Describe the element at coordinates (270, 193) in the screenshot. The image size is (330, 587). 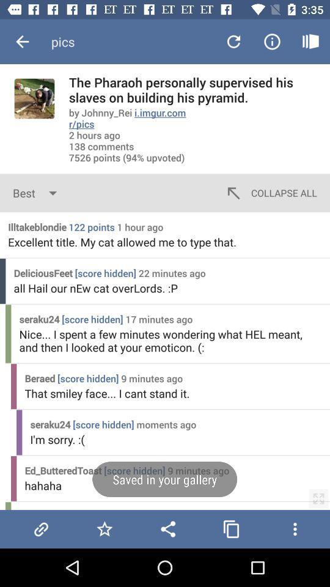
I see `collapse all` at that location.